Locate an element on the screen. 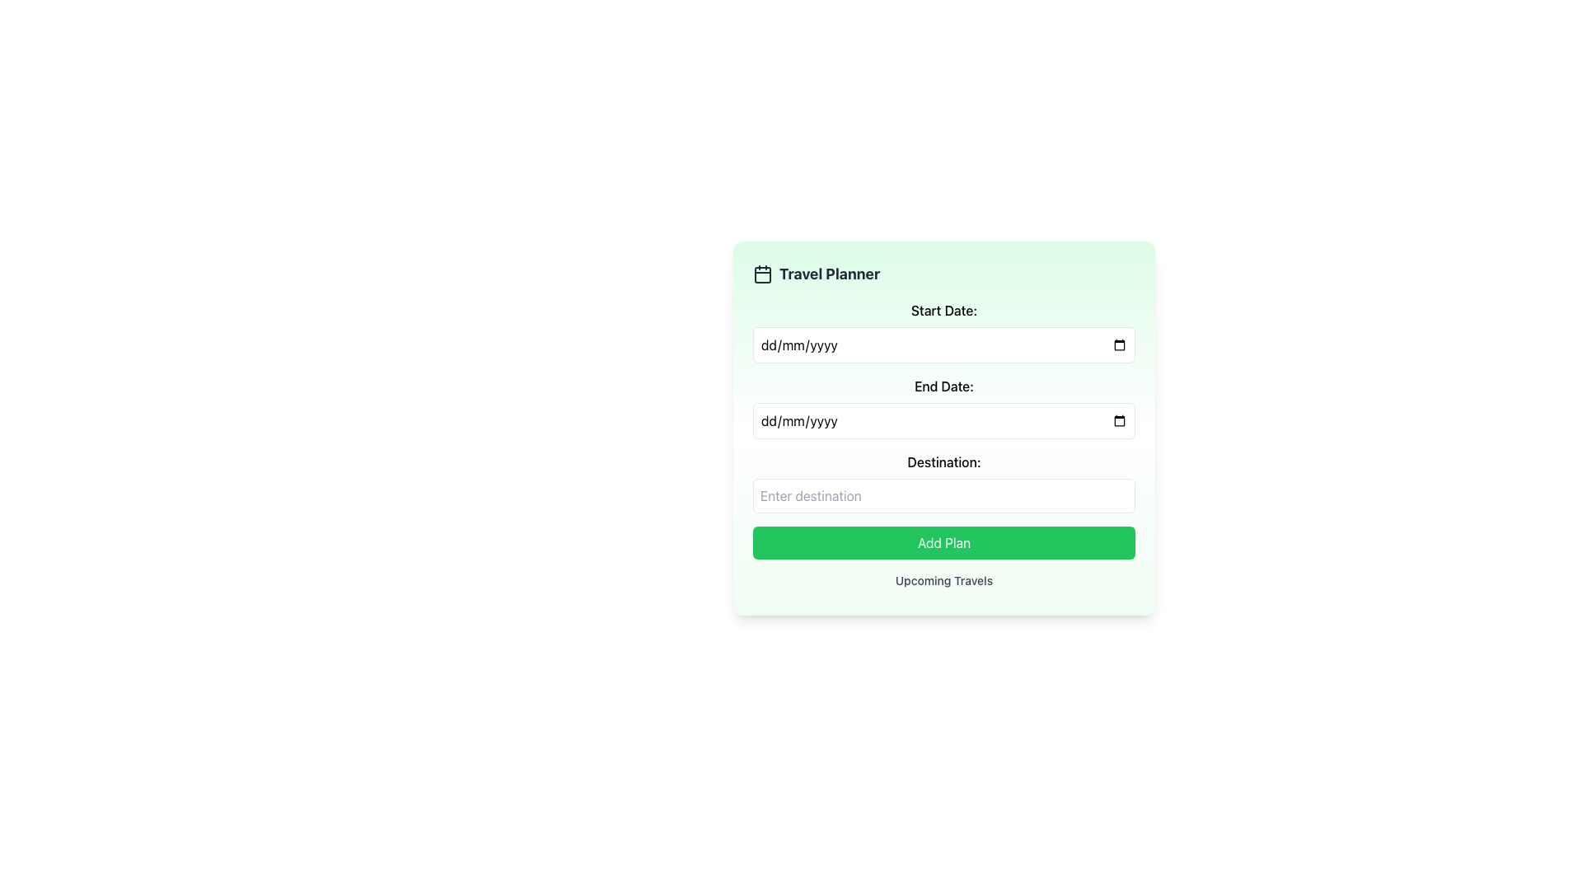 The width and height of the screenshot is (1582, 890). the decorative graphic within the SVG element of the calendar icon located at the top of the 'Travel Planner' card is located at coordinates (762, 274).